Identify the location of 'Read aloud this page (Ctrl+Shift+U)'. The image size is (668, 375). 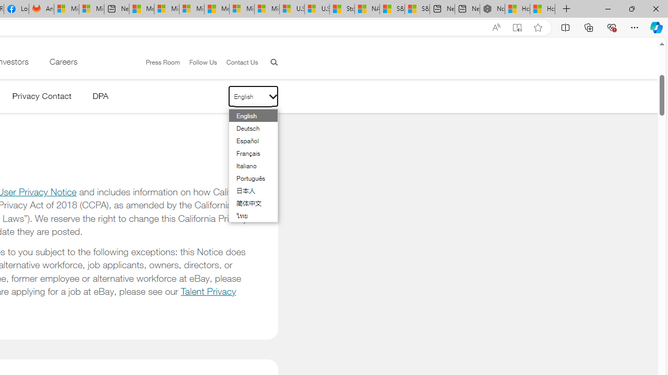
(496, 27).